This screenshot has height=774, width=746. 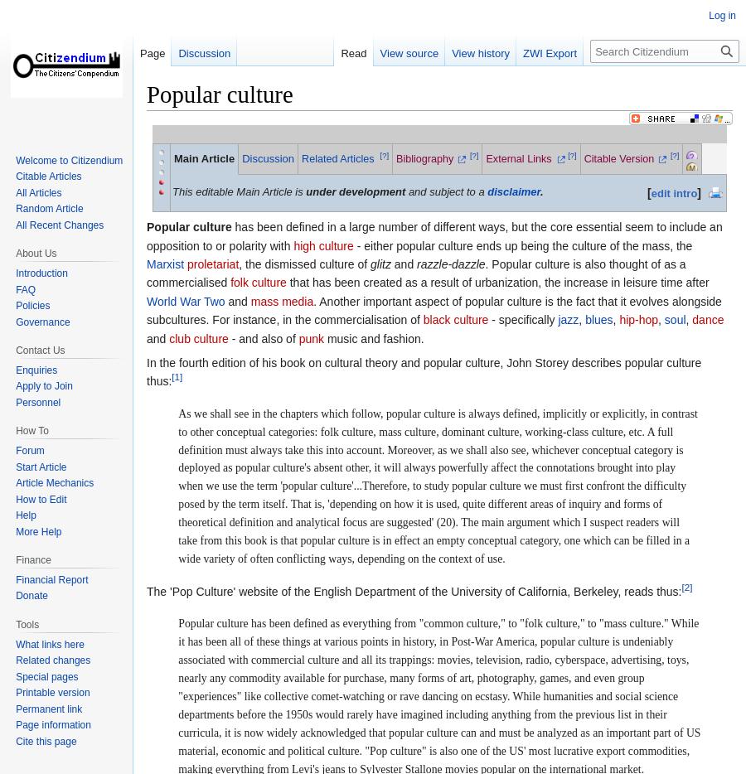 What do you see at coordinates (618, 158) in the screenshot?
I see `'Citable Version'` at bounding box center [618, 158].